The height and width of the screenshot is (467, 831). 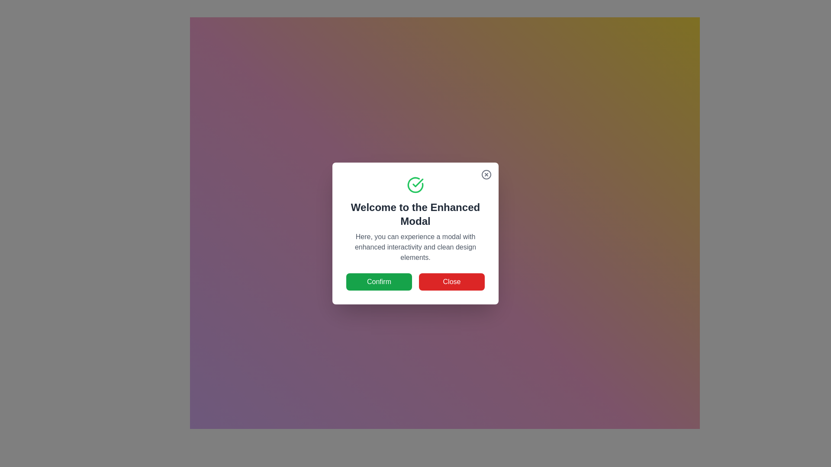 I want to click on the small circular button with a cross in the center located at the top-right corner of the pop-up modal, so click(x=486, y=175).